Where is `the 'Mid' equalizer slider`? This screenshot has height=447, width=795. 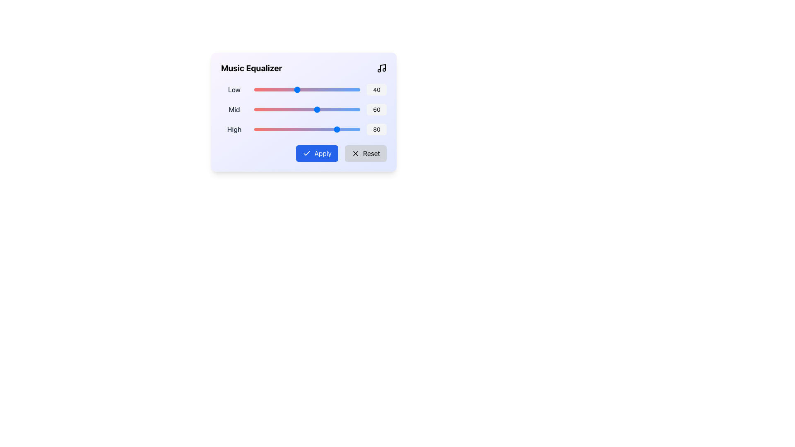
the 'Mid' equalizer slider is located at coordinates (272, 109).